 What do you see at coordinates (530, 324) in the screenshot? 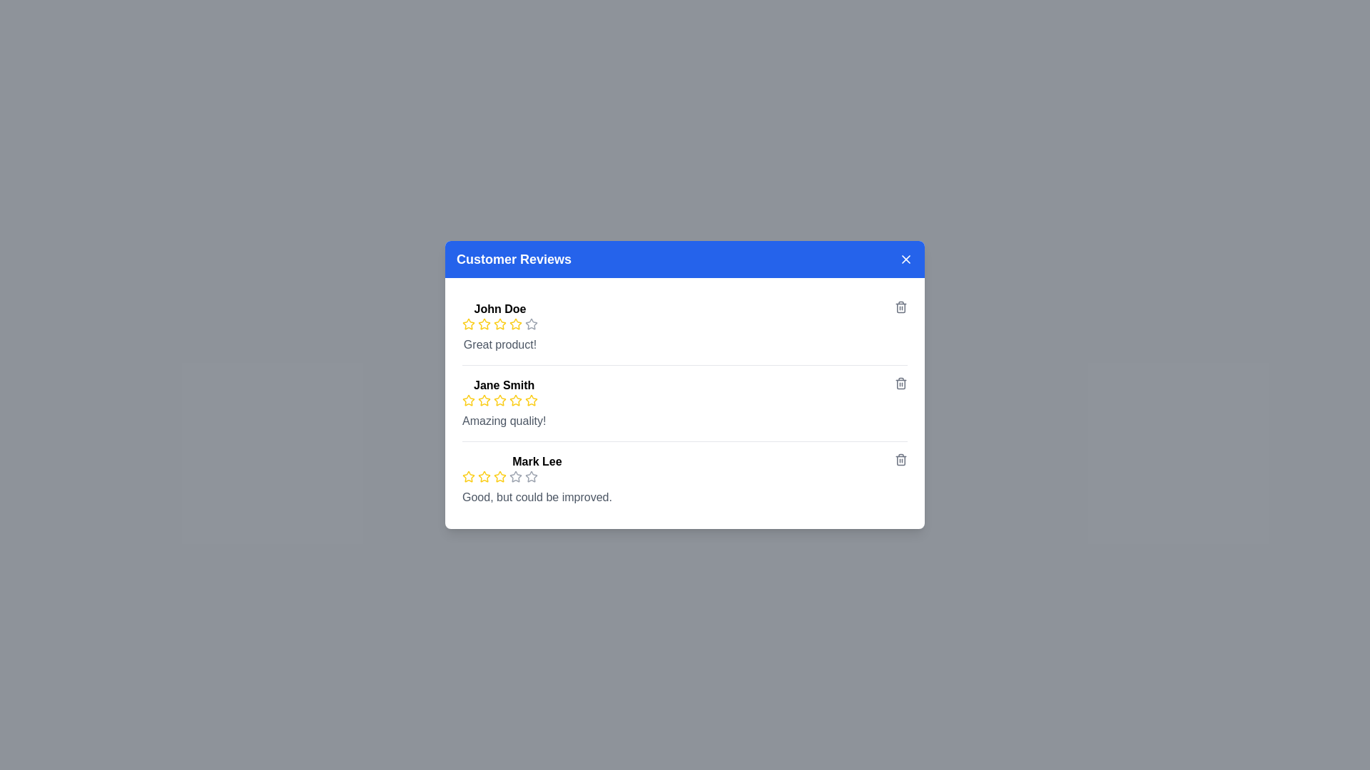
I see `the rating to 5 stars by clicking on the corresponding star` at bounding box center [530, 324].